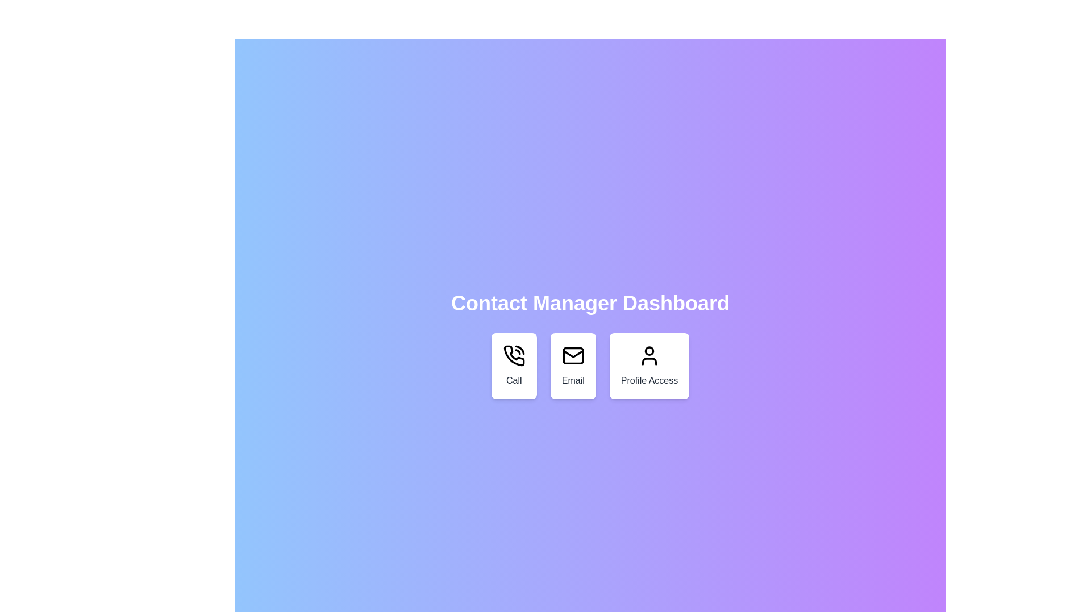 Image resolution: width=1091 pixels, height=614 pixels. What do you see at coordinates (513, 381) in the screenshot?
I see `the Text label located at the bottom-center of the card, which provides a label for initiating a call, situated below the phone icon` at bounding box center [513, 381].